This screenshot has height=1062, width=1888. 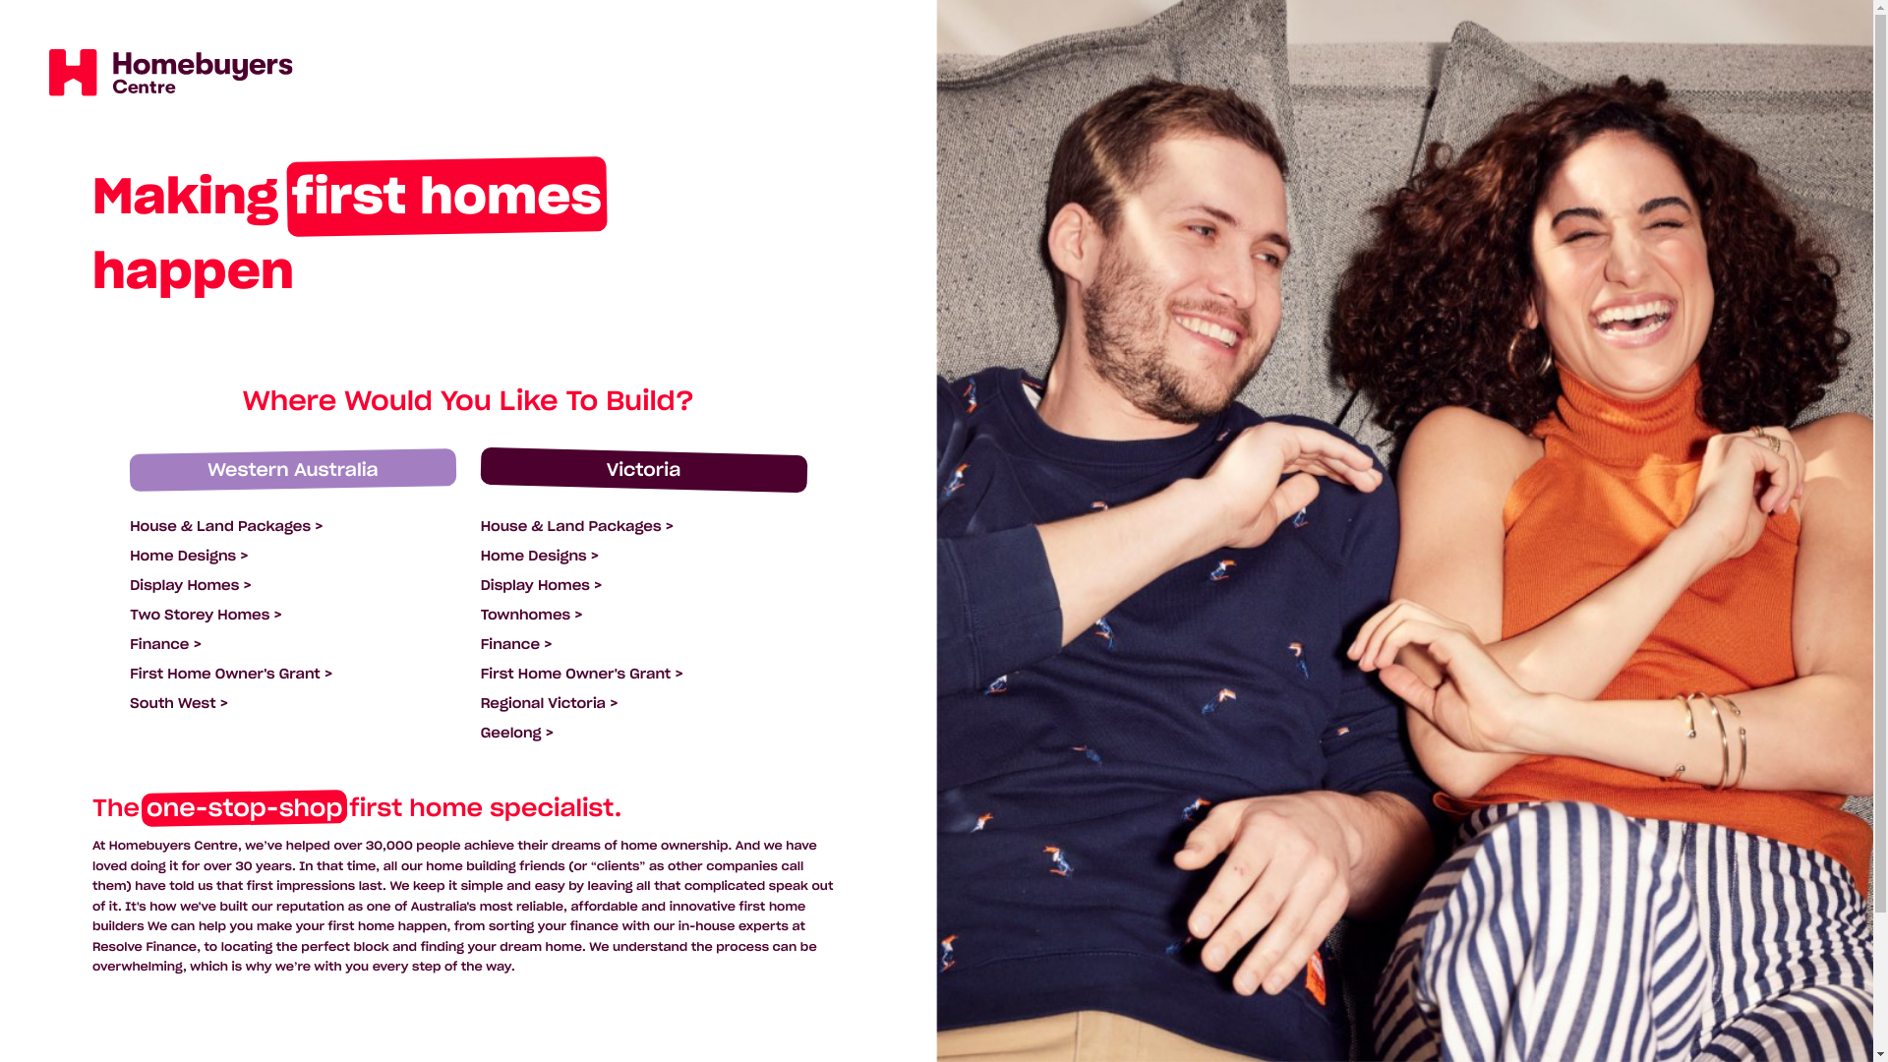 What do you see at coordinates (481, 613) in the screenshot?
I see `'Townhomes >'` at bounding box center [481, 613].